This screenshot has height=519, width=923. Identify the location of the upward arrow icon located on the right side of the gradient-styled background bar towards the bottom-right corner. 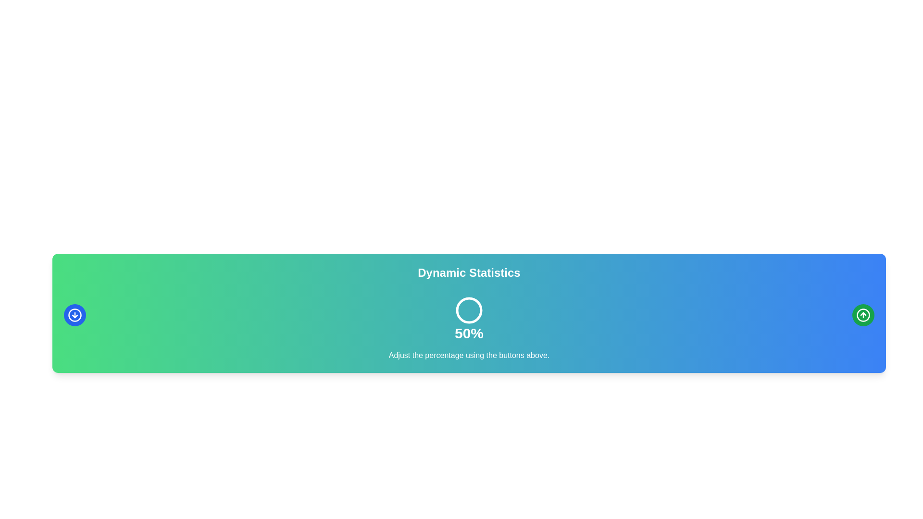
(863, 315).